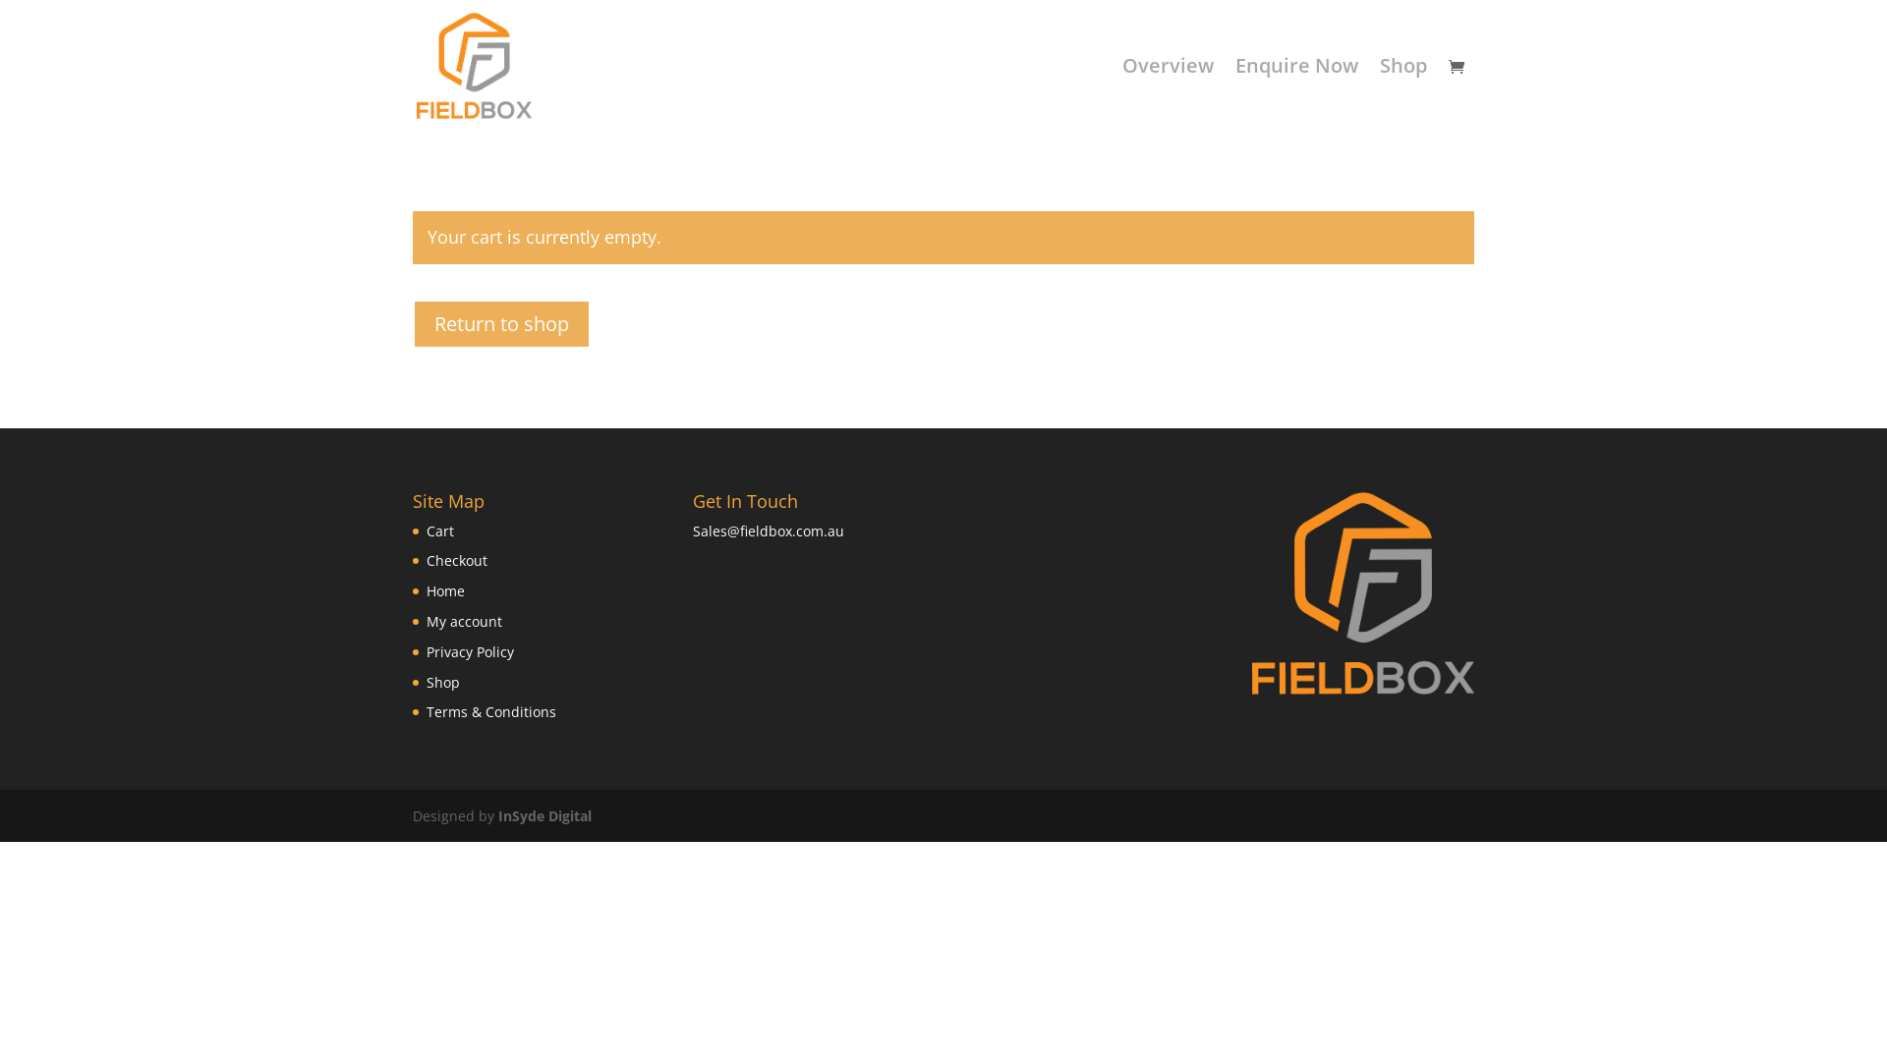  Describe the element at coordinates (1234, 94) in the screenshot. I see `'Enquire Now'` at that location.